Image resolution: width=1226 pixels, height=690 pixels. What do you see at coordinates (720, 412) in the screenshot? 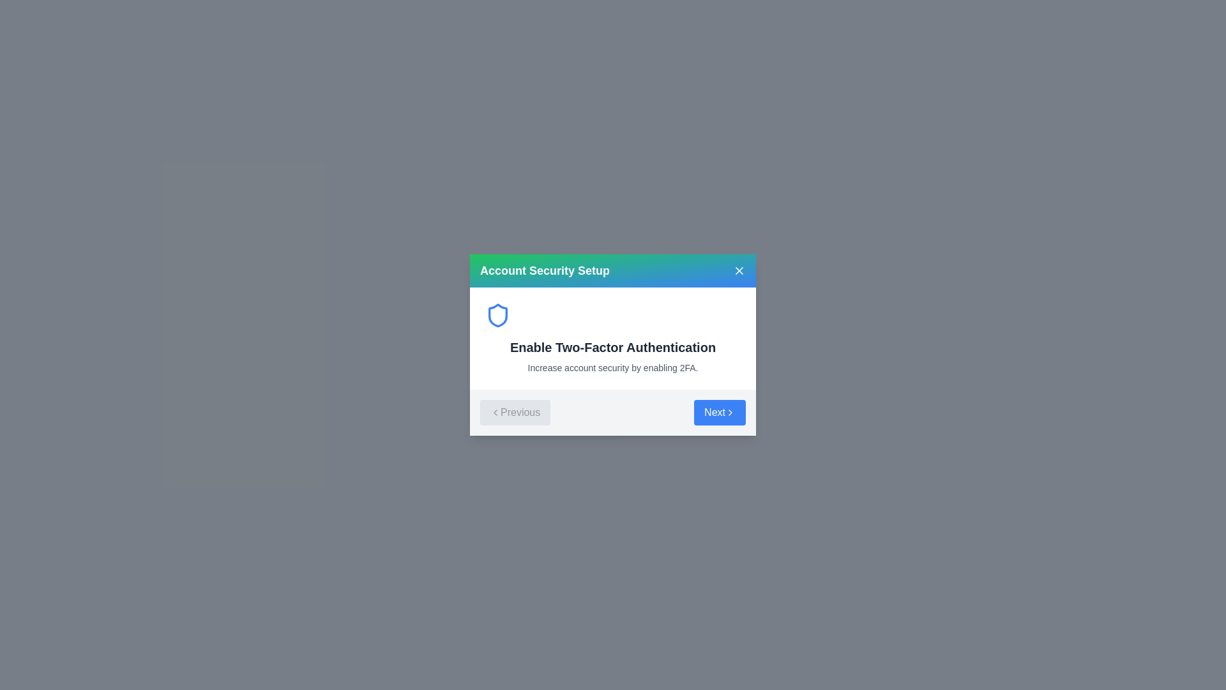
I see `the blue 'Next' button with rounded corners, which displays a right arrow icon` at bounding box center [720, 412].